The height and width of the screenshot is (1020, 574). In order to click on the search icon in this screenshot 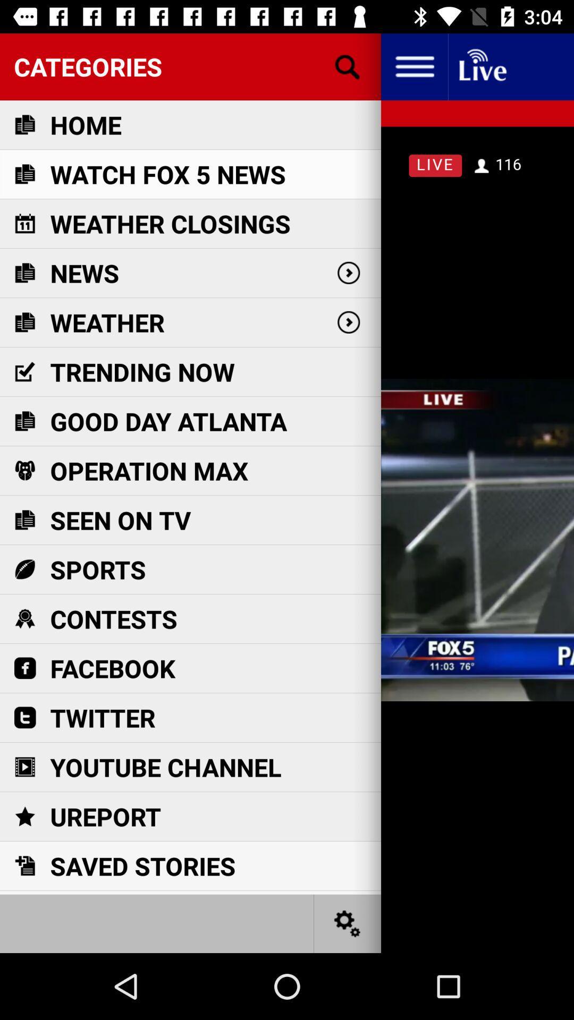, I will do `click(348, 66)`.